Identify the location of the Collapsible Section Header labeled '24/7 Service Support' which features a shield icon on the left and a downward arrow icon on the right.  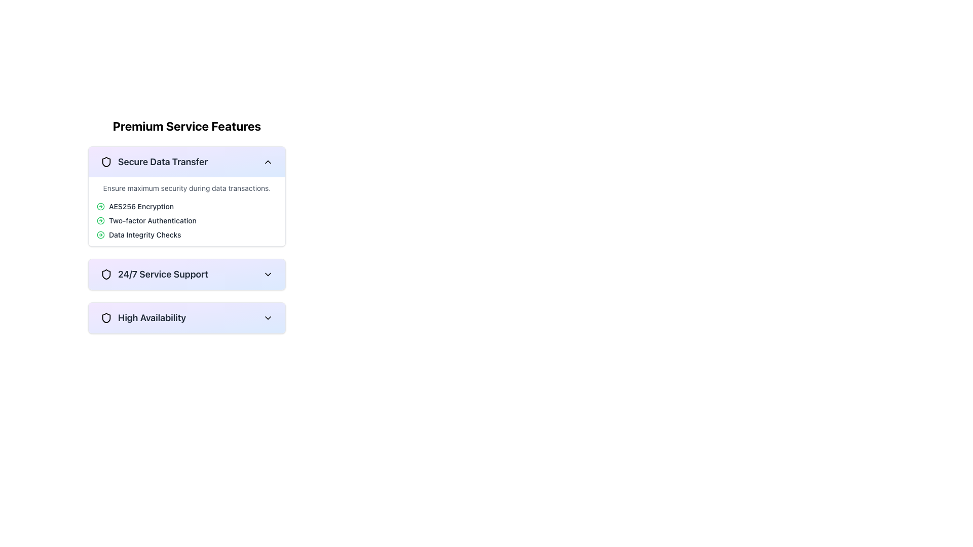
(187, 275).